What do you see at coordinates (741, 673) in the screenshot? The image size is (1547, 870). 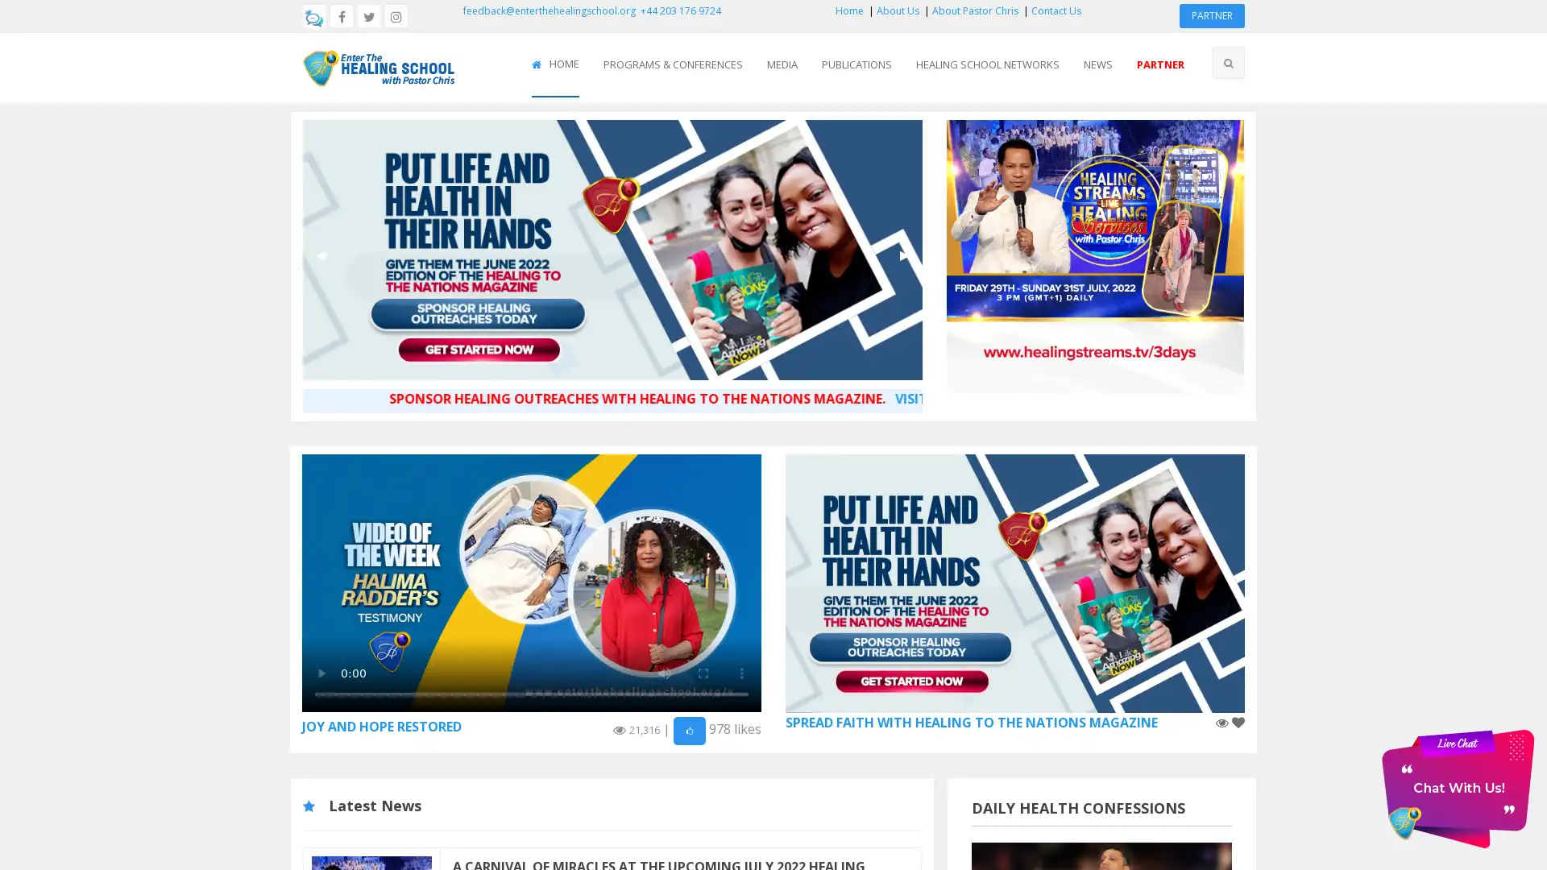 I see `show more media controls` at bounding box center [741, 673].